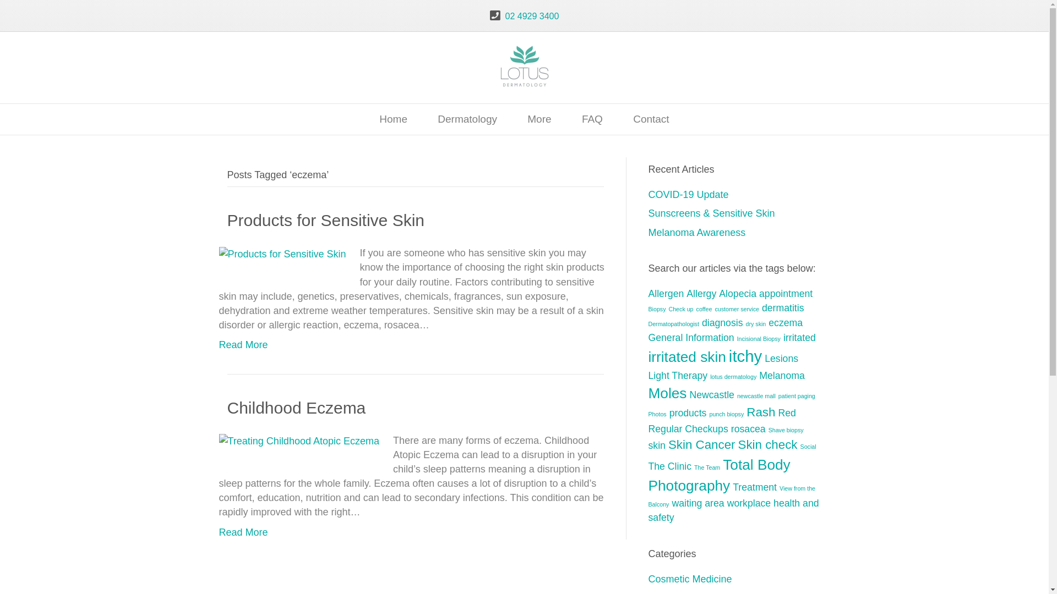 The width and height of the screenshot is (1057, 594). What do you see at coordinates (467, 119) in the screenshot?
I see `'Dermatology'` at bounding box center [467, 119].